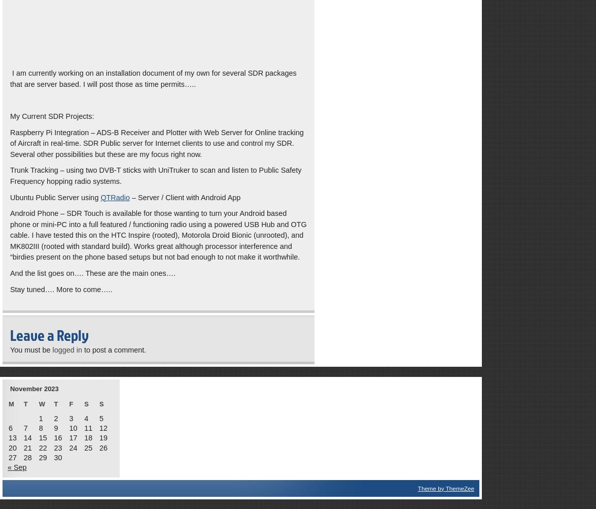  I want to click on 'F', so click(71, 403).